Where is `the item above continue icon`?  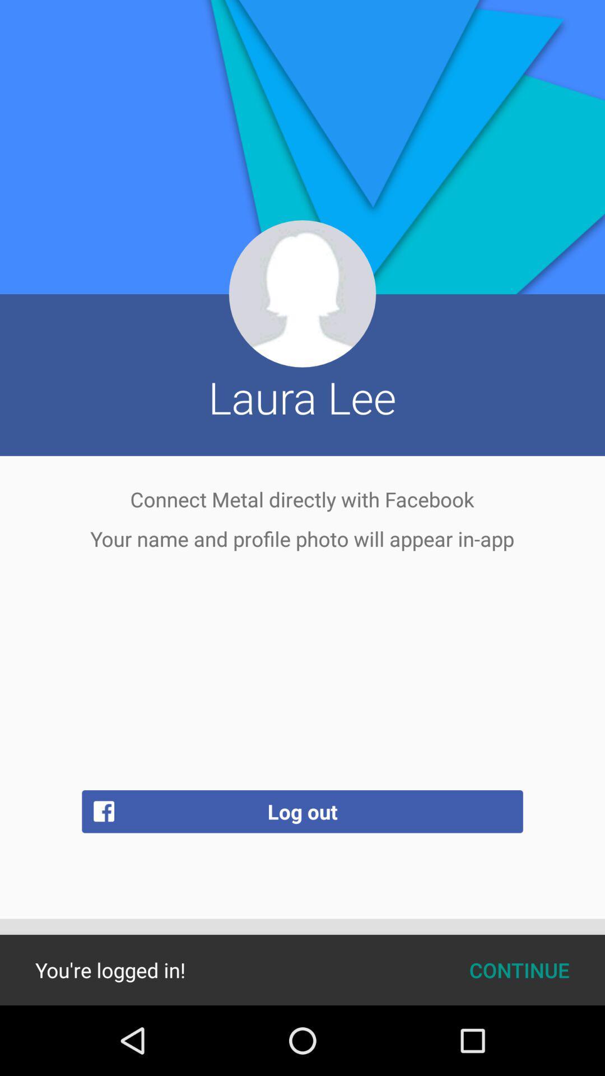 the item above continue icon is located at coordinates (302, 811).